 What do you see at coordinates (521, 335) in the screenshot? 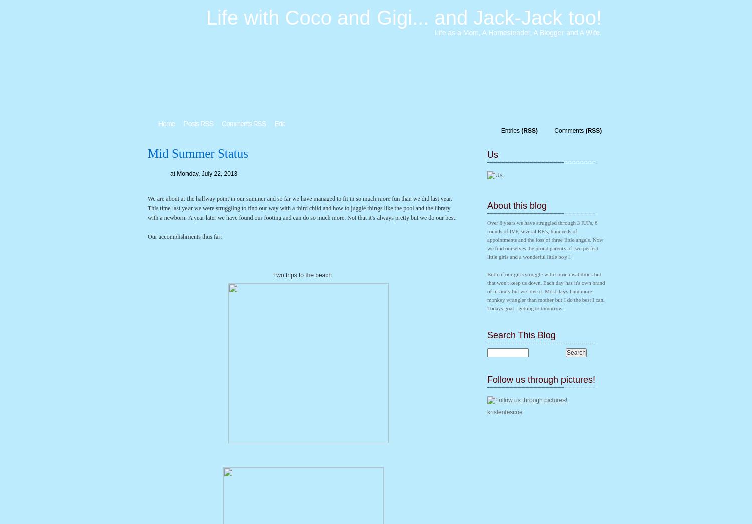
I see `'Search This Blog'` at bounding box center [521, 335].